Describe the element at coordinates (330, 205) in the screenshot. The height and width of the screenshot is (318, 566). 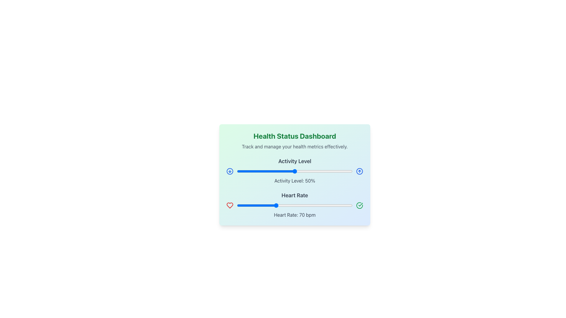
I see `heart rate` at that location.